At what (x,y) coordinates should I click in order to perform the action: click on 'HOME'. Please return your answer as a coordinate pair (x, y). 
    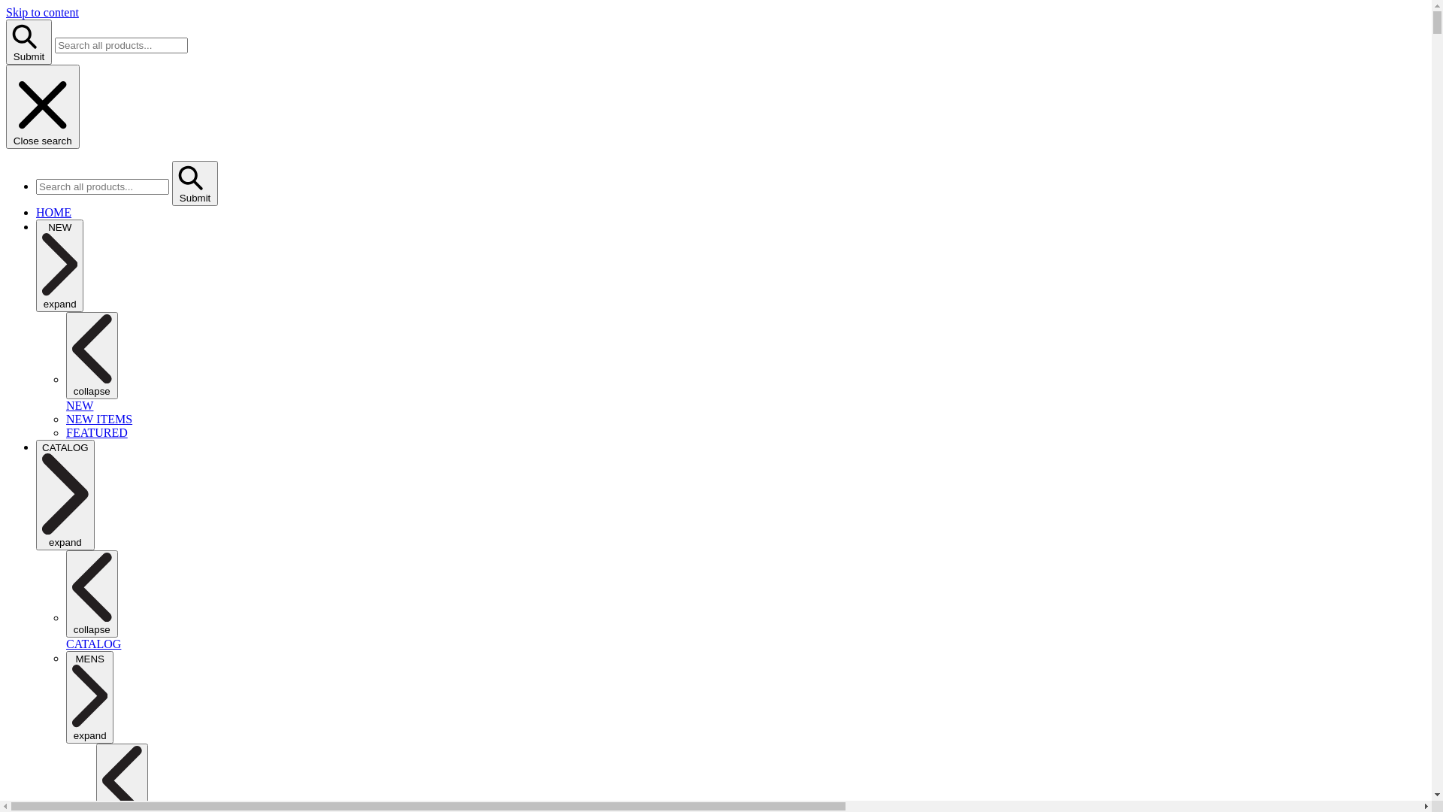
    Looking at the image, I should click on (53, 212).